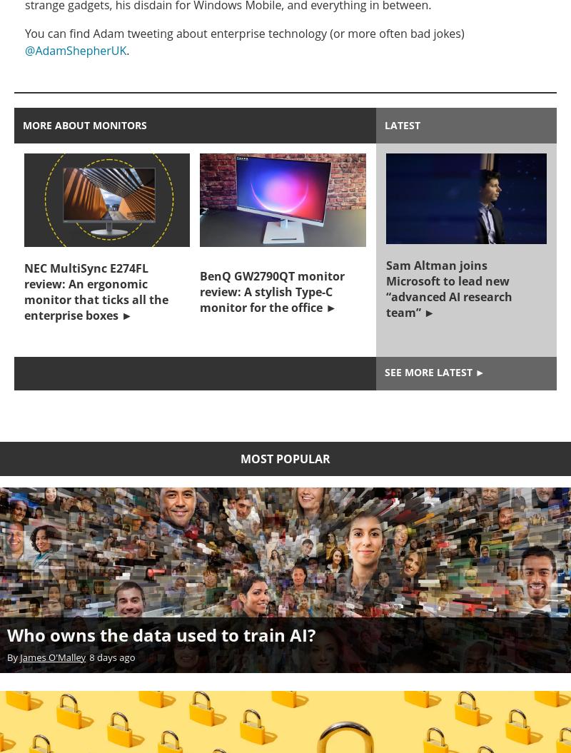 The width and height of the screenshot is (571, 753). What do you see at coordinates (14, 655) in the screenshot?
I see `'By'` at bounding box center [14, 655].